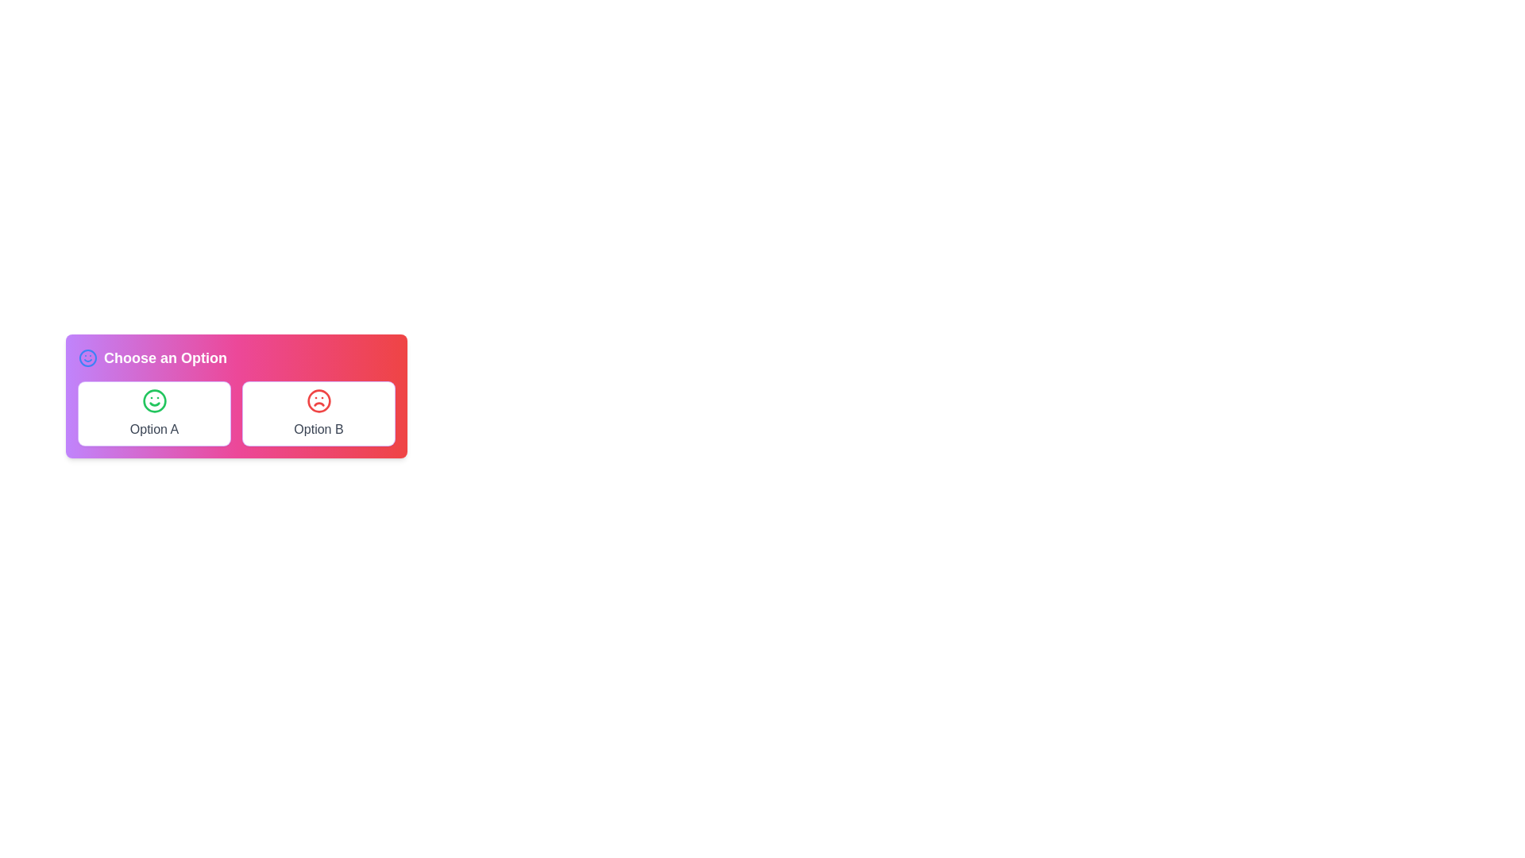 The height and width of the screenshot is (858, 1525). What do you see at coordinates (318, 412) in the screenshot?
I see `the interactive button representing 'Option B'` at bounding box center [318, 412].